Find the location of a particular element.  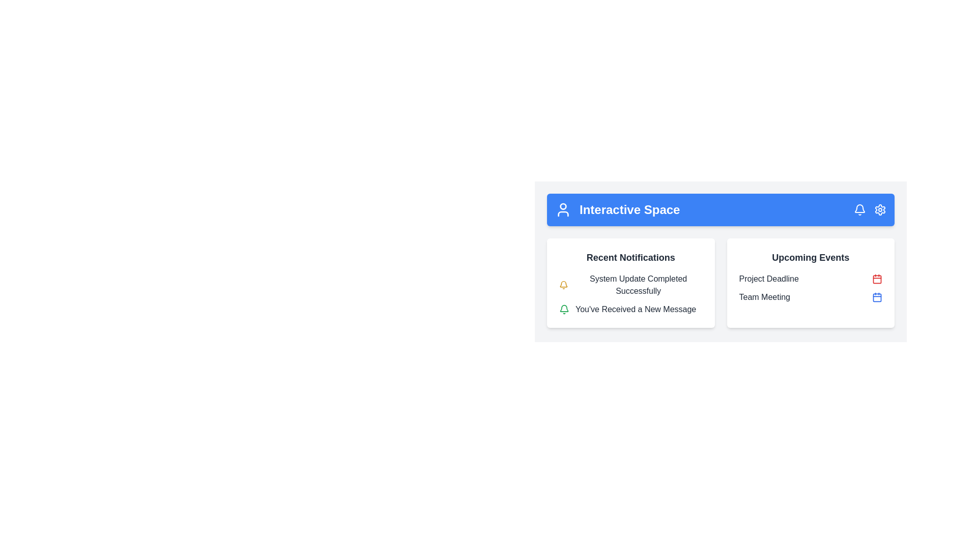

the text label that reads 'Project Deadline', which is the first label in the list of upcoming events, positioned above the label 'Team Meeting' is located at coordinates (769, 279).